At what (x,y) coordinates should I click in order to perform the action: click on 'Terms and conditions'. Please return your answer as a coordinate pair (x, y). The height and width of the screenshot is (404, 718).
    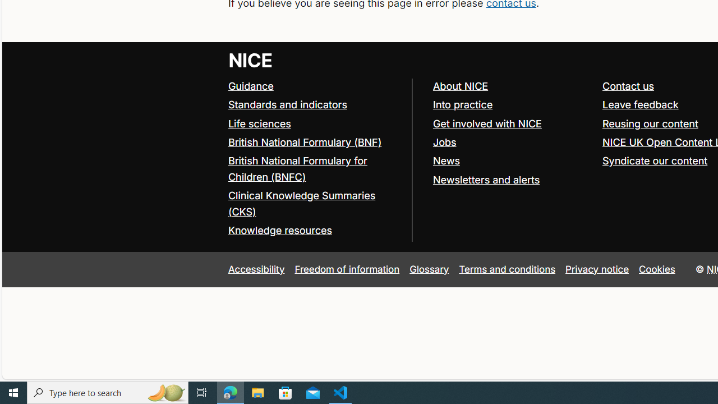
    Looking at the image, I should click on (507, 269).